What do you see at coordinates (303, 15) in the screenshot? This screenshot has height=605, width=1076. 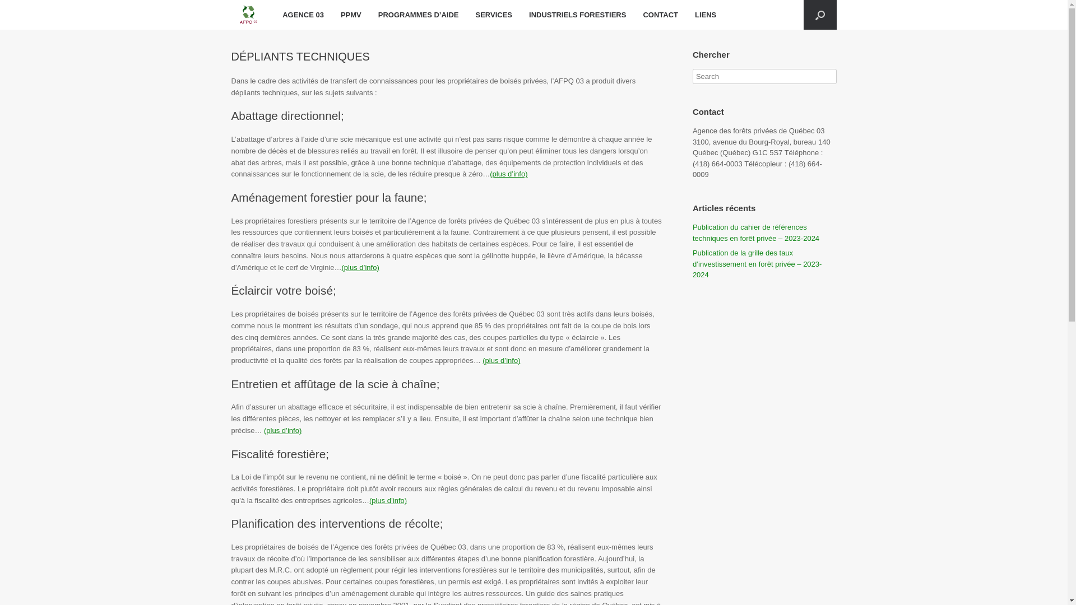 I see `'AGENCE 03'` at bounding box center [303, 15].